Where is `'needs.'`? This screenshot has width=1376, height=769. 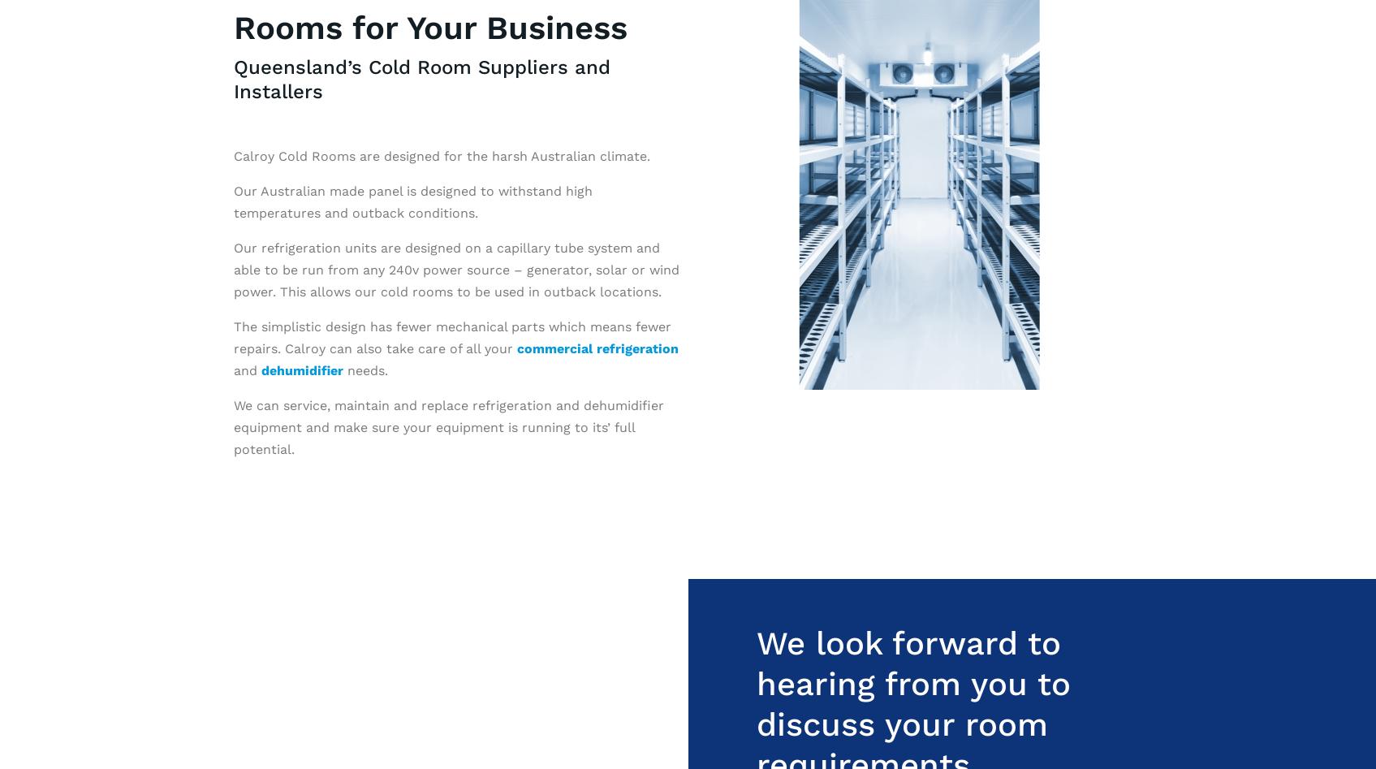
'needs.' is located at coordinates (364, 369).